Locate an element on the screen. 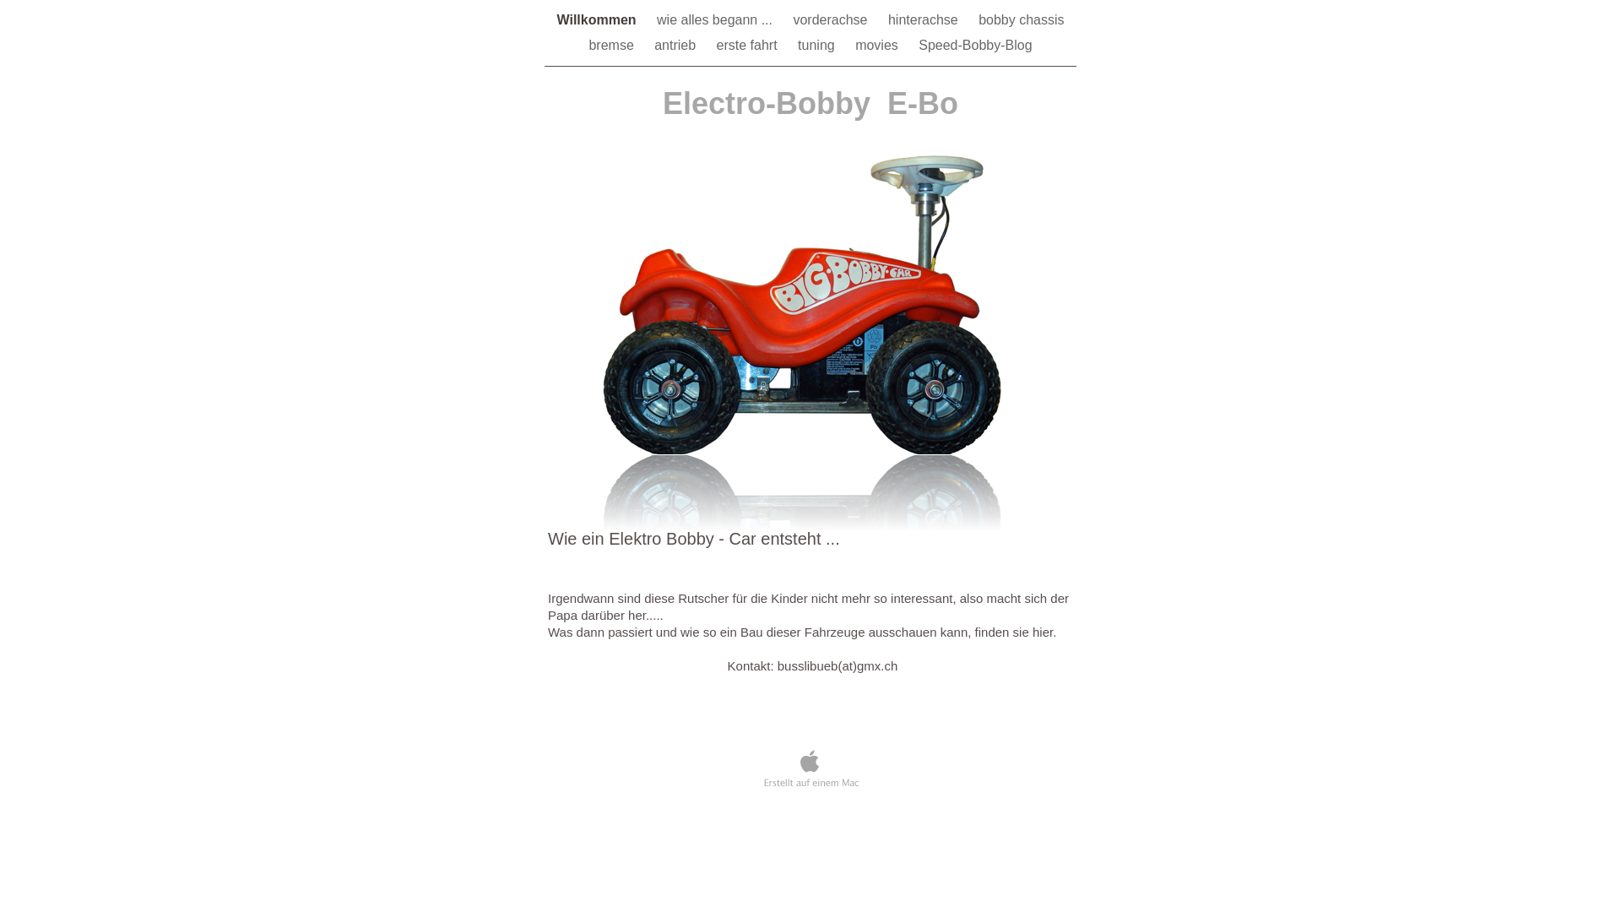 The image size is (1621, 912). 'wie alles begann ...' is located at coordinates (716, 19).